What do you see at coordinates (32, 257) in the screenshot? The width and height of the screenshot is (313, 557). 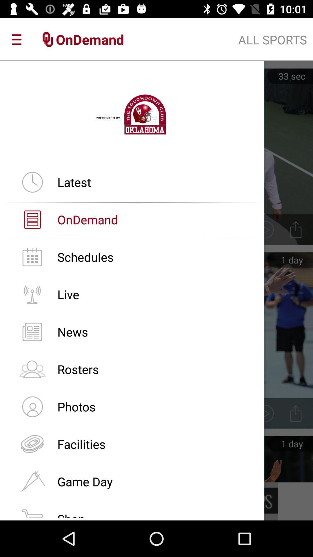 I see `calendar icon` at bounding box center [32, 257].